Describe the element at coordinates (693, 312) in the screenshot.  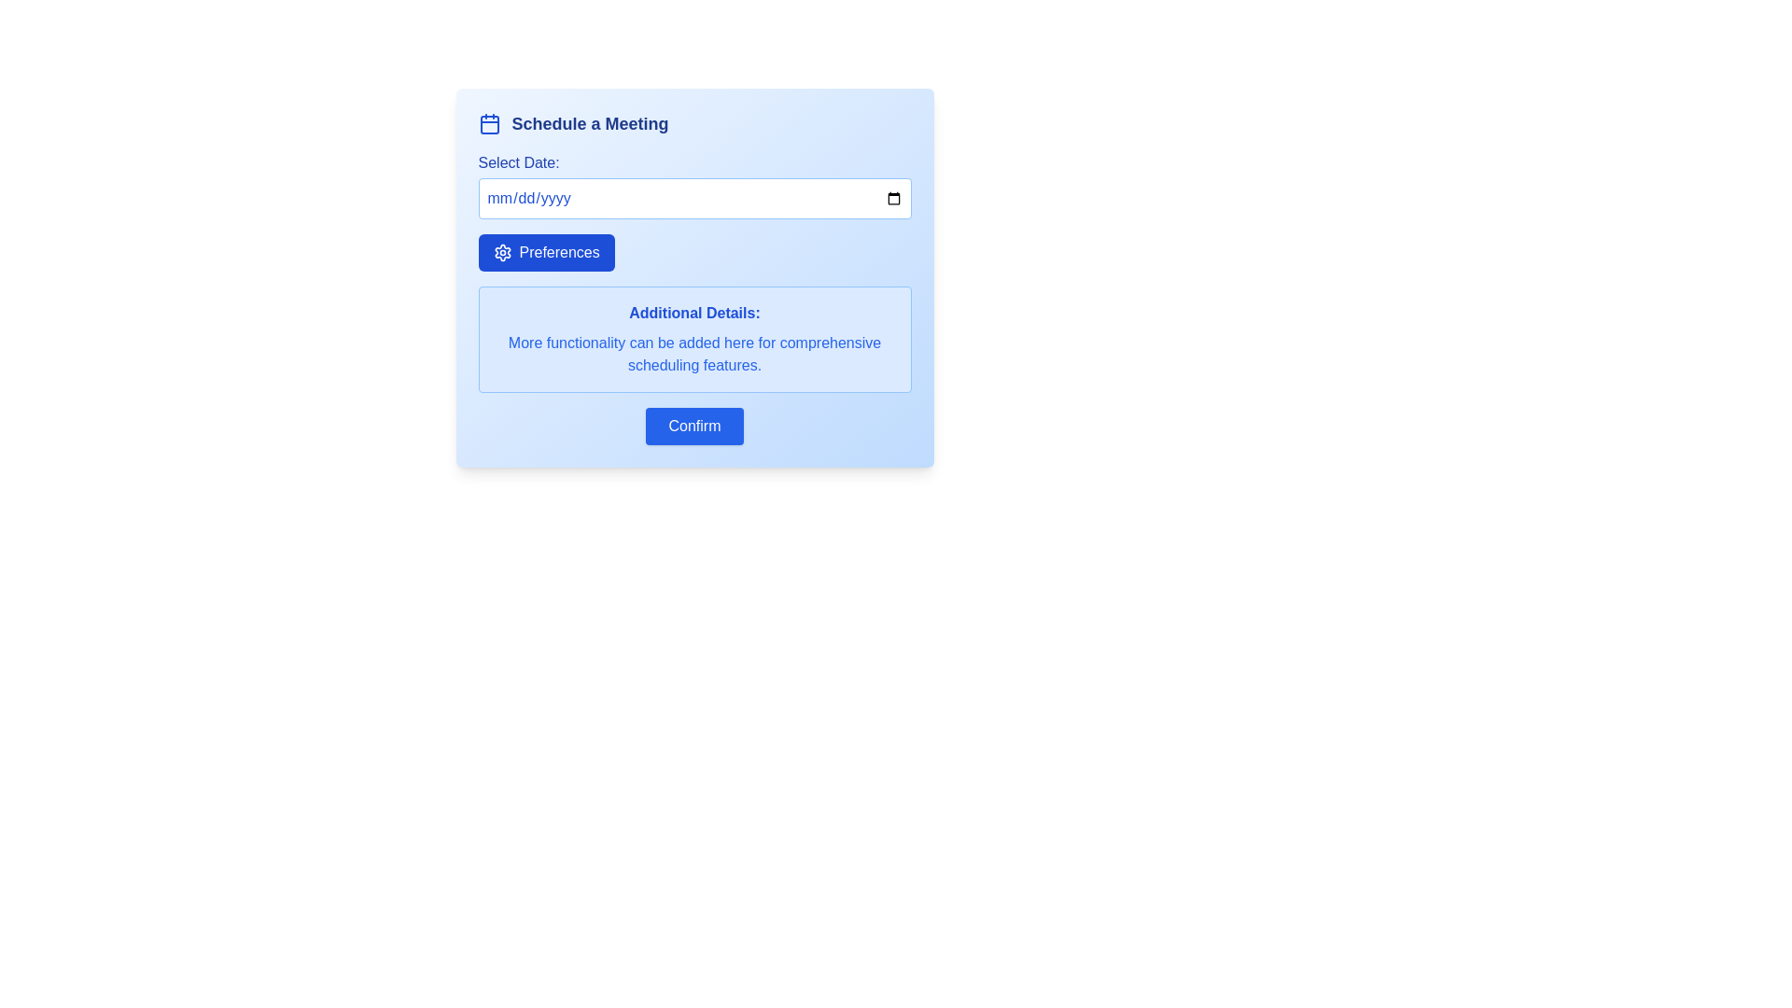
I see `the text label displaying 'Additional Details:' in a bold blue font, positioned at the top of a bordered box with a light blue background` at that location.